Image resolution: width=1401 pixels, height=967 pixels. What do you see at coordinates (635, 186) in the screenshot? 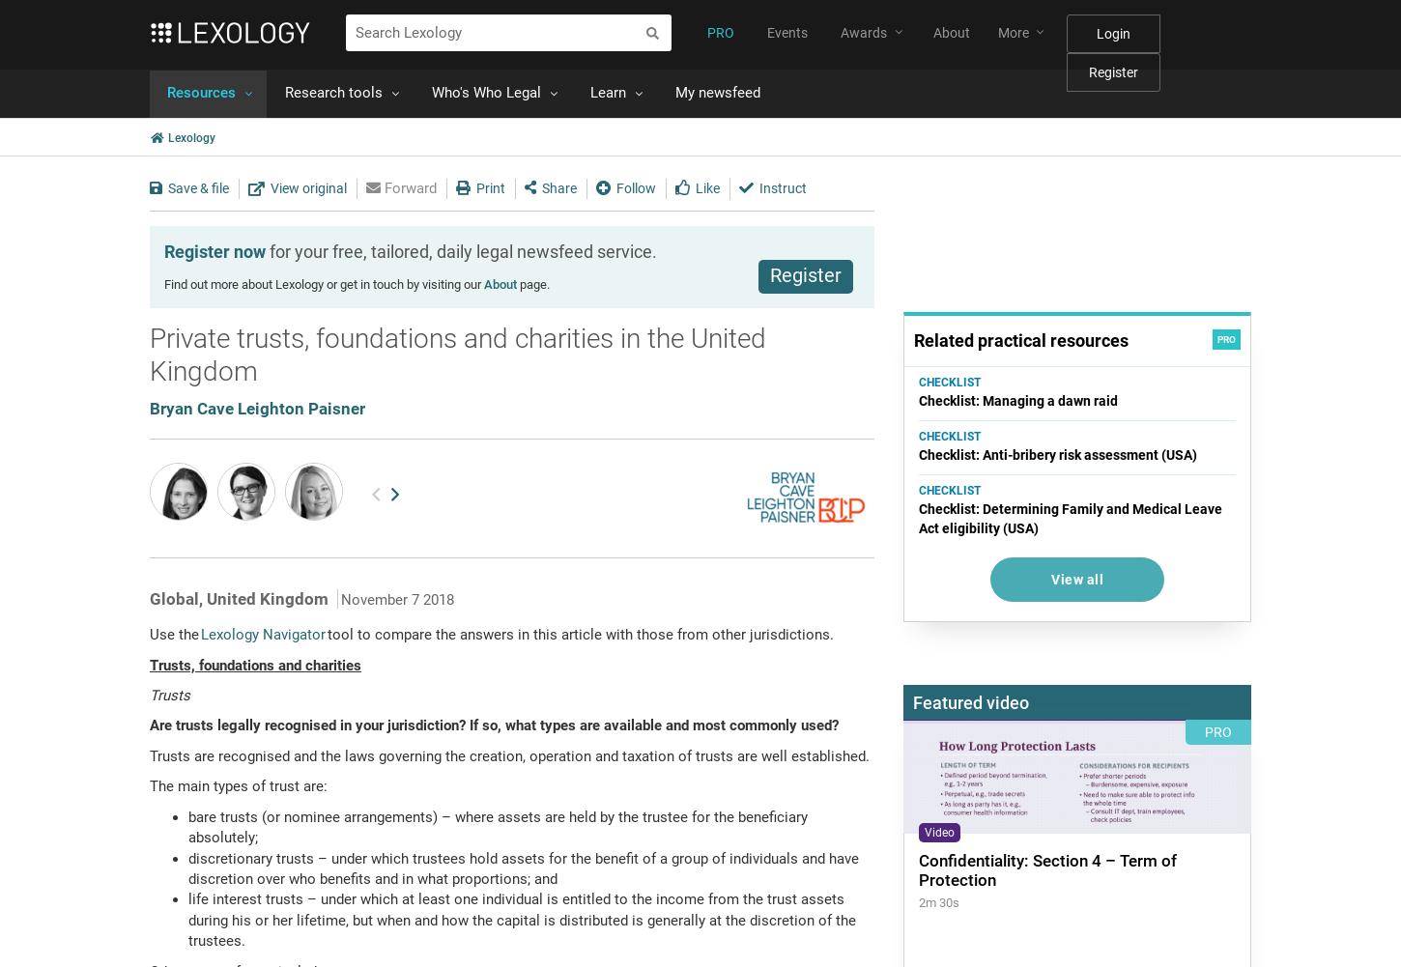
I see `'Follow'` at bounding box center [635, 186].